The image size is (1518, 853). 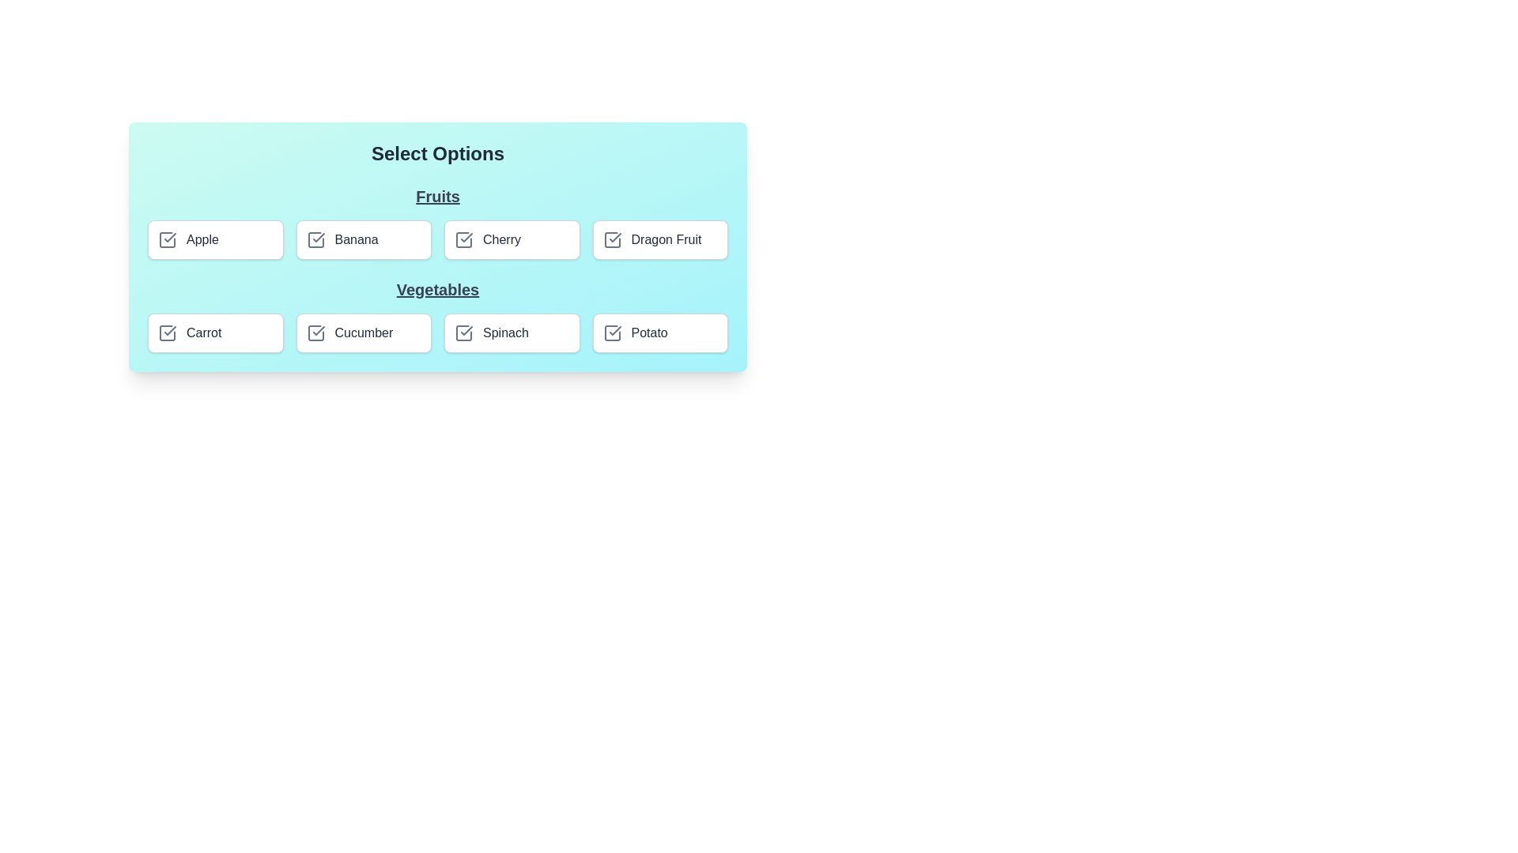 What do you see at coordinates (214, 240) in the screenshot?
I see `the first selectable card in the 'Fruits' section` at bounding box center [214, 240].